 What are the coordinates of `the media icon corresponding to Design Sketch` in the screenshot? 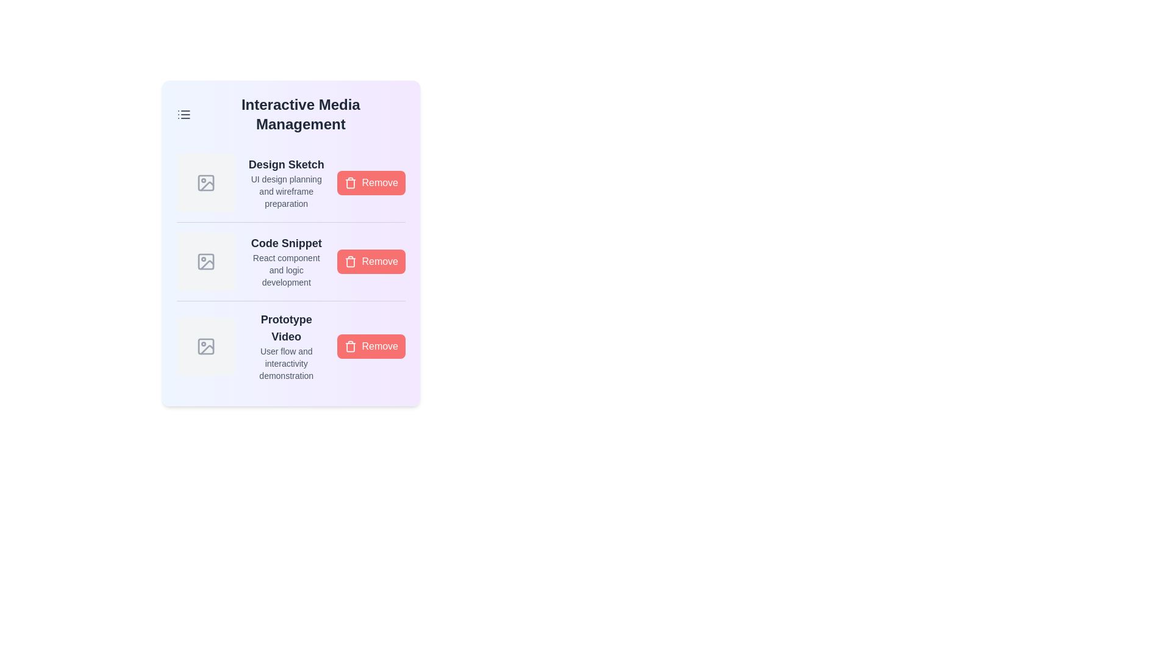 It's located at (206, 183).